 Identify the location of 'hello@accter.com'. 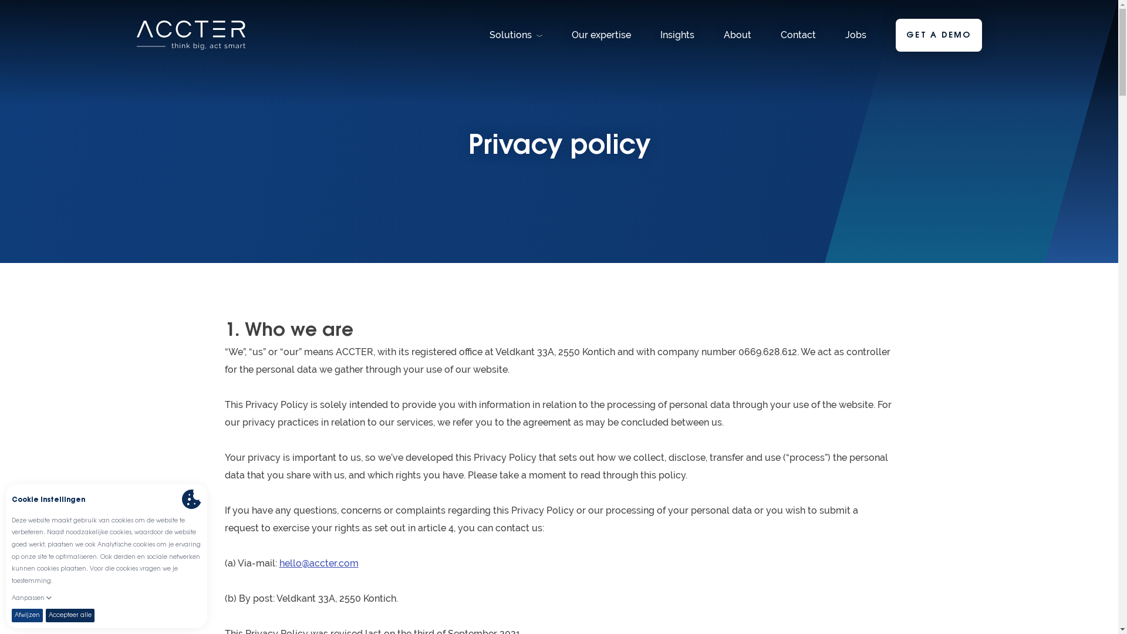
(278, 562).